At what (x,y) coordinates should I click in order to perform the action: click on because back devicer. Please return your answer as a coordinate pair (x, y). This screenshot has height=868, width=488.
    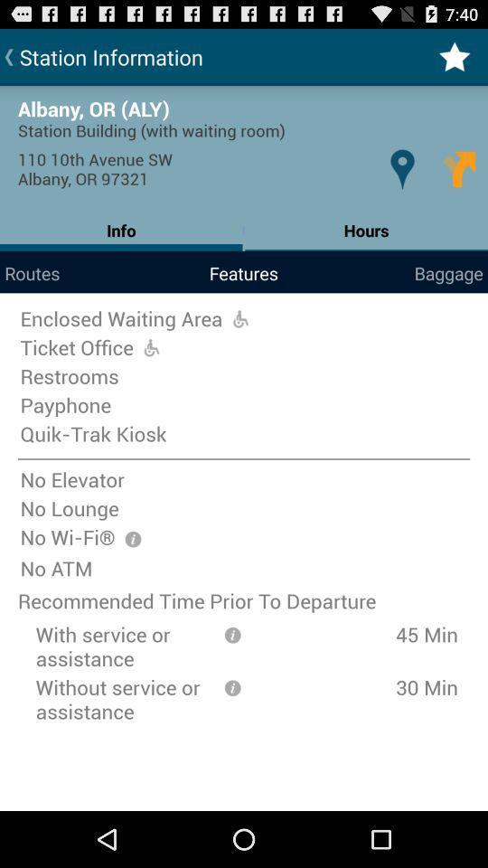
    Looking at the image, I should click on (232, 634).